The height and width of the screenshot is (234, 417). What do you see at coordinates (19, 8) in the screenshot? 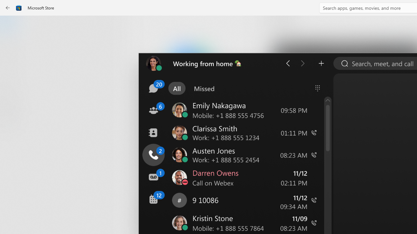
I see `'Class: Image'` at bounding box center [19, 8].